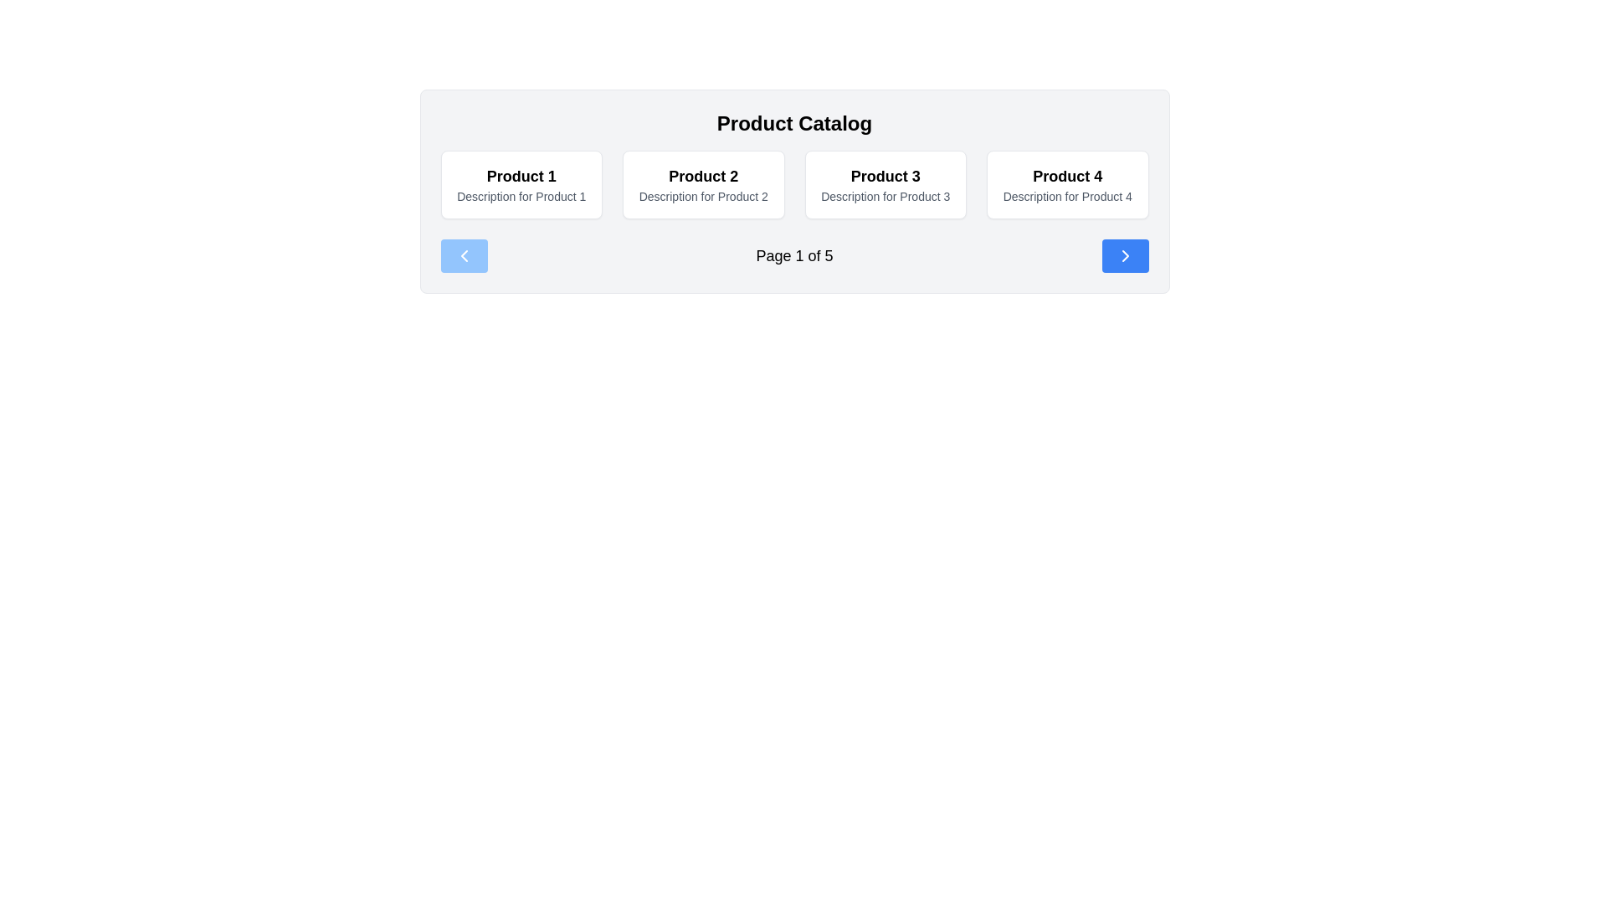 This screenshot has height=904, width=1607. Describe the element at coordinates (1066, 196) in the screenshot. I see `the text label providing a brief description of 'Product 4', which is located directly under the title 'Product 4' within its product card` at that location.